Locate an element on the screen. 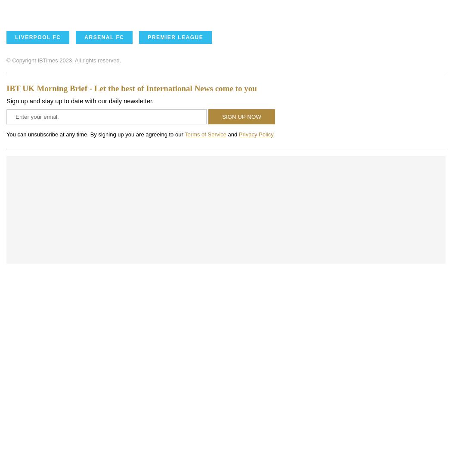  'Liverpool FC' is located at coordinates (15, 37).